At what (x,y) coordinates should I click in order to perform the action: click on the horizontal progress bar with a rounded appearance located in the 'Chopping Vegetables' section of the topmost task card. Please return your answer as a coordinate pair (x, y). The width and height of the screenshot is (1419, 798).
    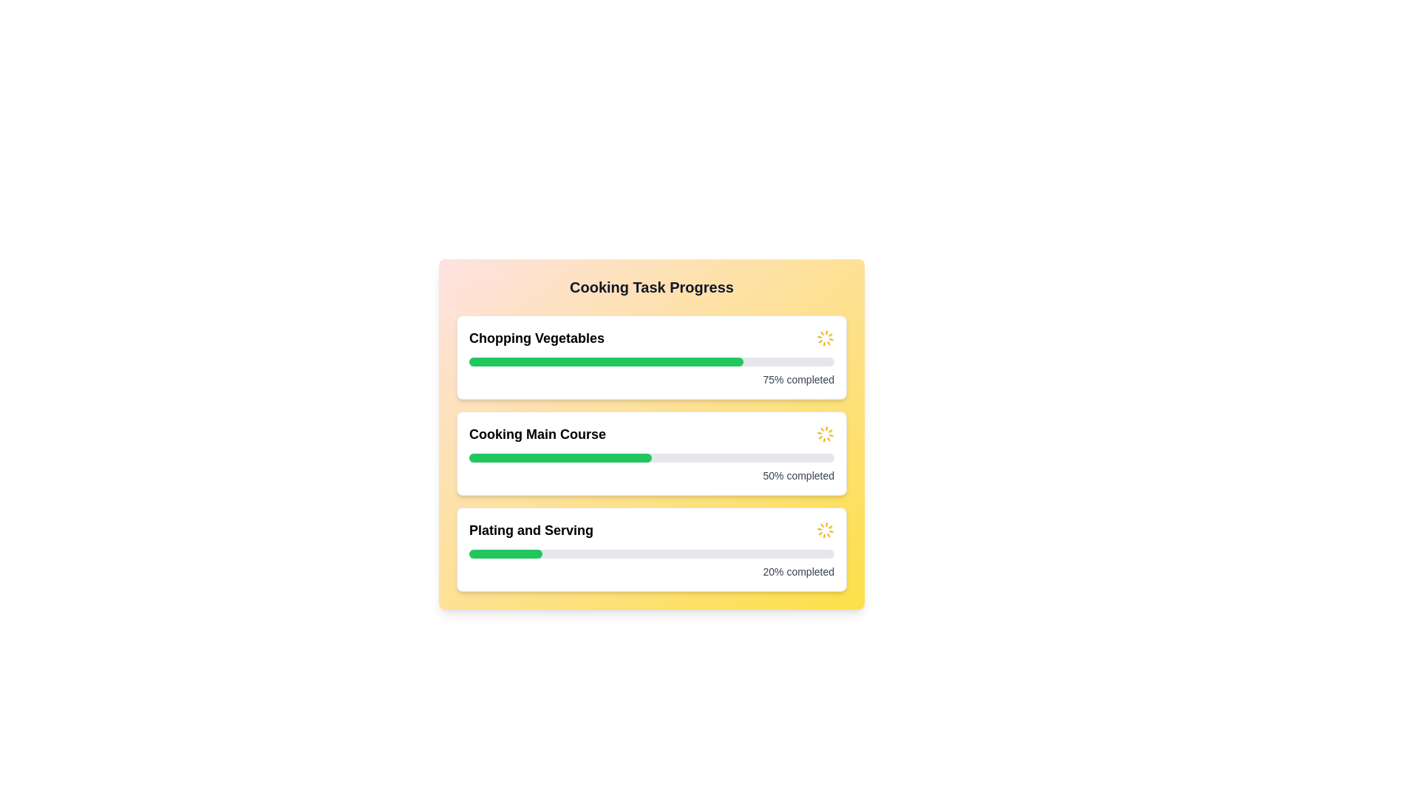
    Looking at the image, I should click on (651, 361).